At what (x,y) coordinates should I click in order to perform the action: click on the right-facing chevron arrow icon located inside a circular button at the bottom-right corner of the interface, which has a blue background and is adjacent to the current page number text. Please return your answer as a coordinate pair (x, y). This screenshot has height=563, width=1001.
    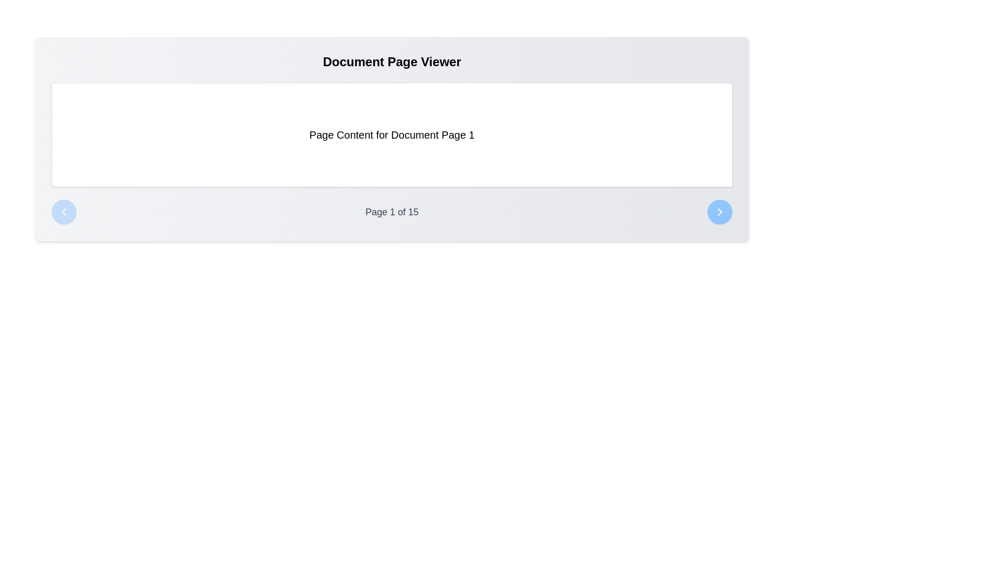
    Looking at the image, I should click on (719, 212).